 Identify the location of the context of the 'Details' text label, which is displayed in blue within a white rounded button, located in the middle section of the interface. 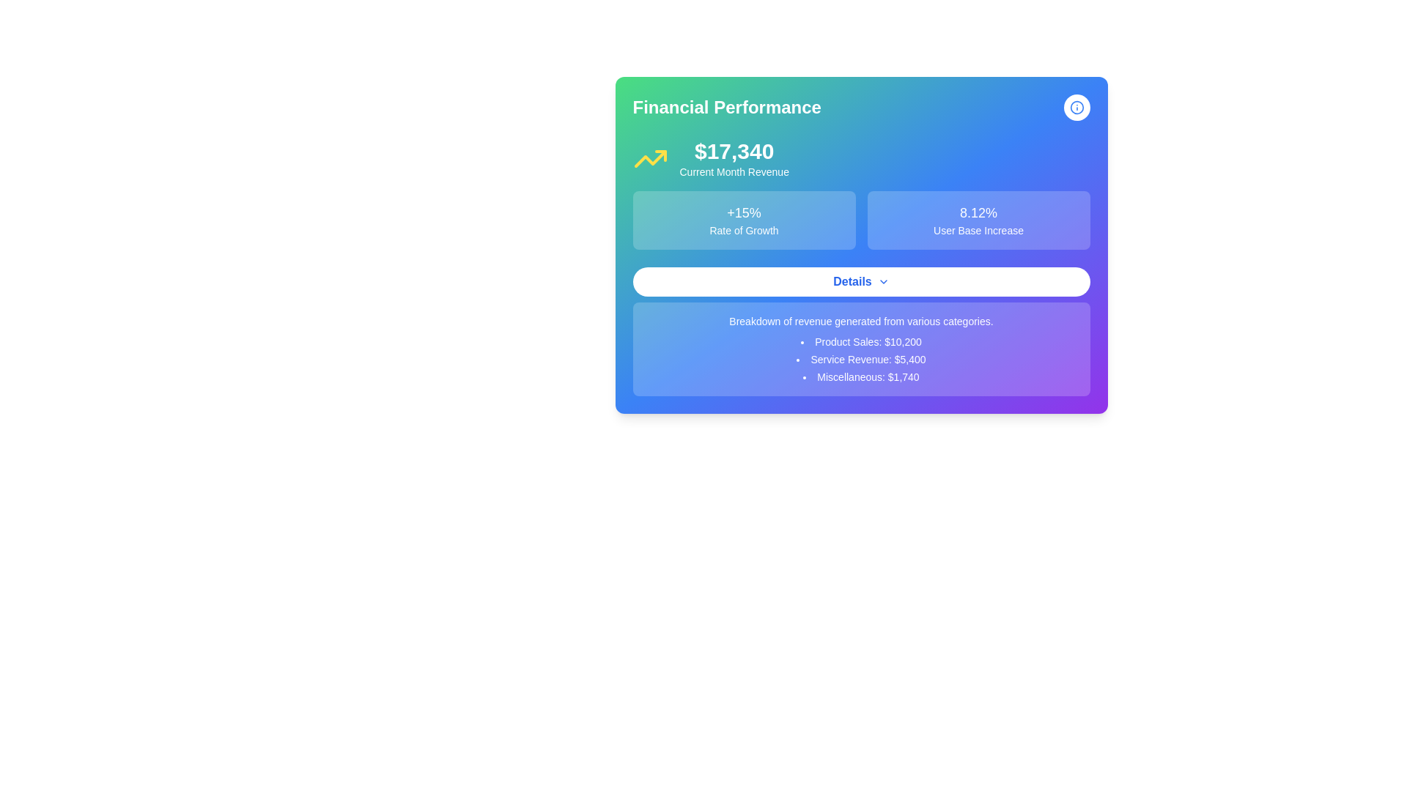
(852, 282).